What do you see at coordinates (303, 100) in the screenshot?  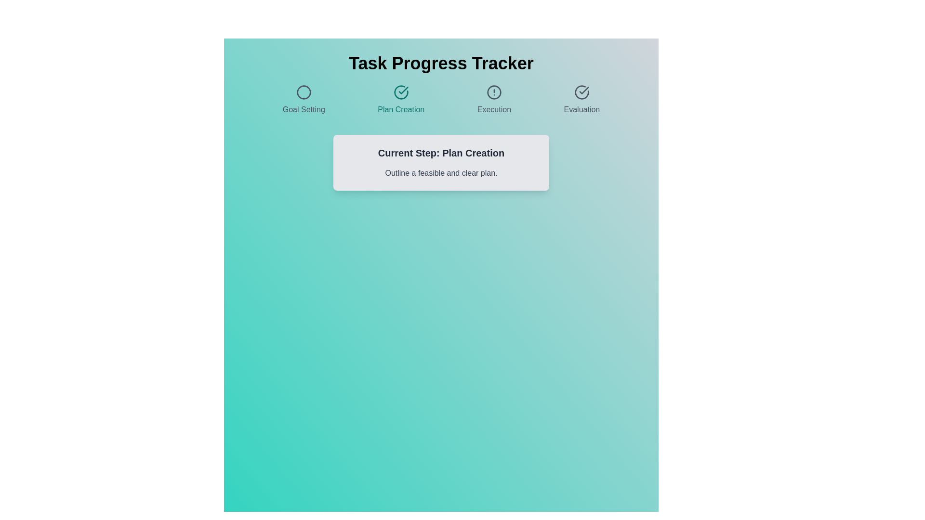 I see `the step title Goal Setting to navigate to the corresponding step` at bounding box center [303, 100].